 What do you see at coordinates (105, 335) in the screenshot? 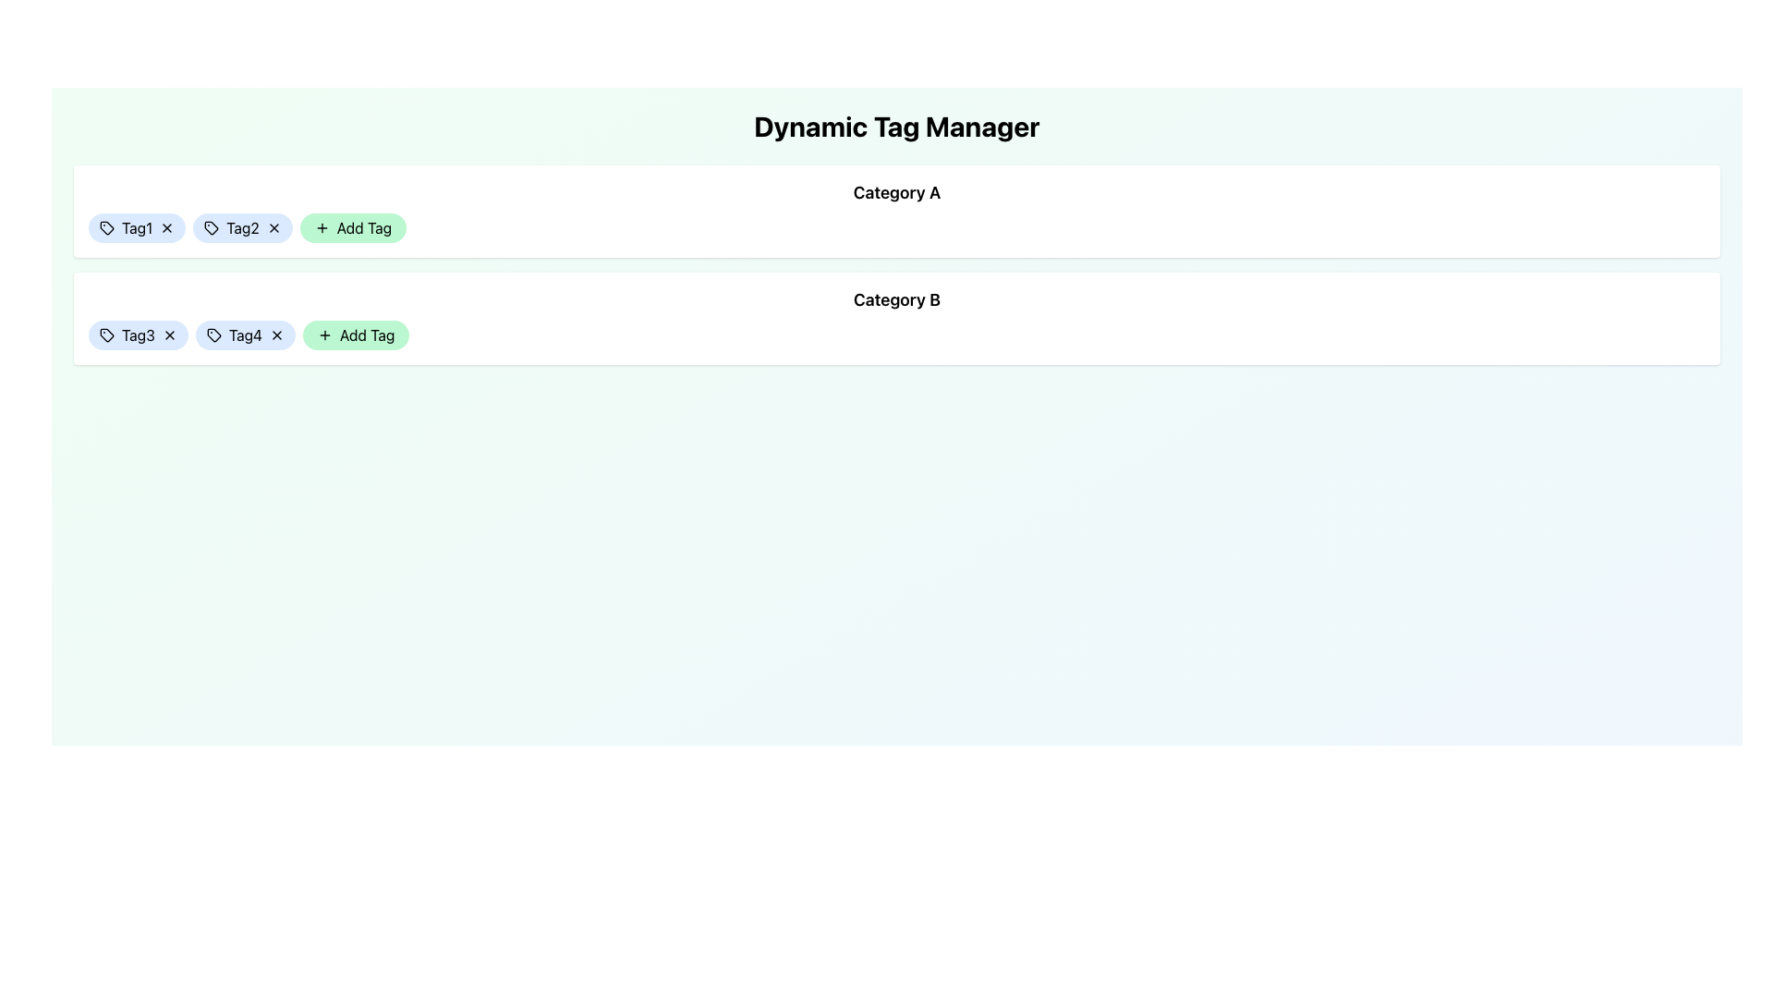
I see `the small decorative icon representing the 'Tag3' item in the 'Category B' section, located at the leftmost position in the second row of tags` at bounding box center [105, 335].